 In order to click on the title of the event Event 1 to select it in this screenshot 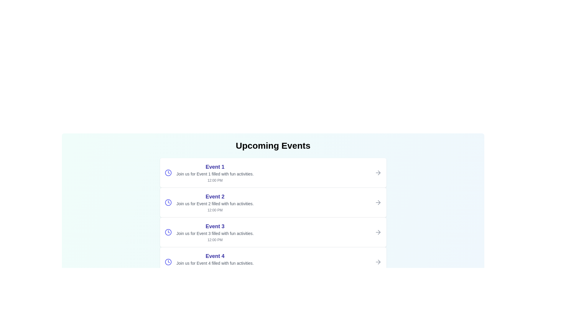, I will do `click(215, 167)`.